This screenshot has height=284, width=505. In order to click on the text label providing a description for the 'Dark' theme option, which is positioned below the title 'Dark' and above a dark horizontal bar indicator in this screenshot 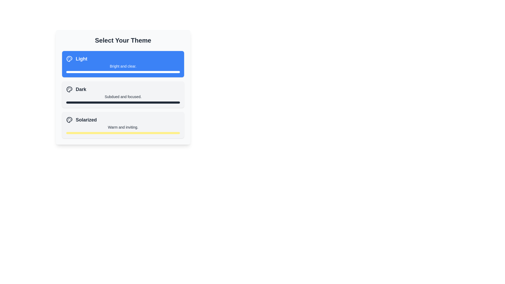, I will do `click(123, 97)`.